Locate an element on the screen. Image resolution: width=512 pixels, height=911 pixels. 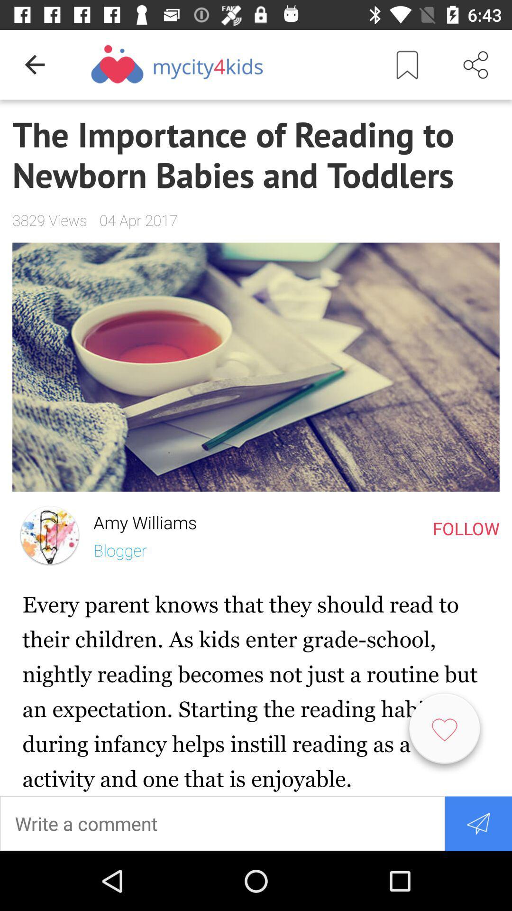
the follow item is located at coordinates (466, 528).